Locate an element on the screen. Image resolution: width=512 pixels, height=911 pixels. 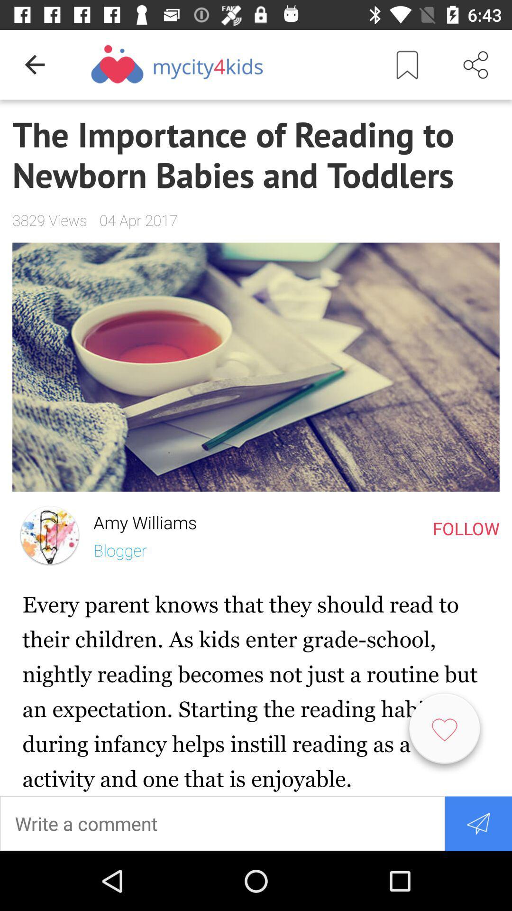
the follow item is located at coordinates (466, 528).